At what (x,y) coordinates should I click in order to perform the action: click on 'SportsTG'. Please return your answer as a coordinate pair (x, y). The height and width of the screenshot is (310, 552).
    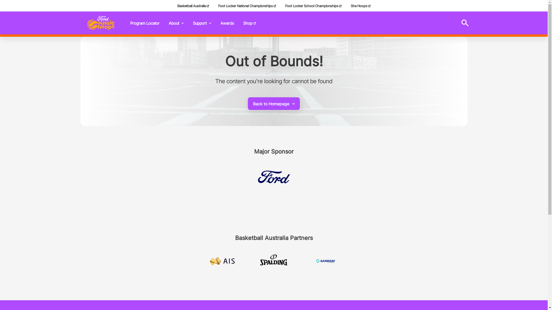
    Looking at the image, I should click on (325, 261).